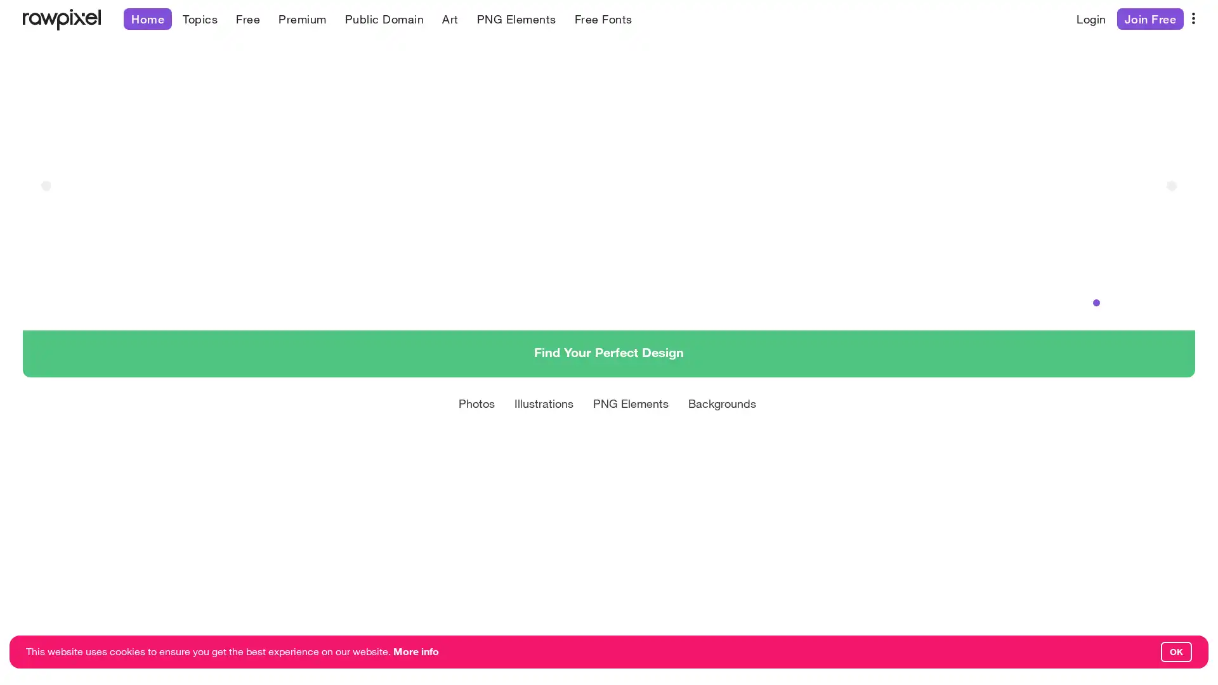 Image resolution: width=1218 pixels, height=685 pixels. What do you see at coordinates (722, 431) in the screenshot?
I see `Backgrounds` at bounding box center [722, 431].